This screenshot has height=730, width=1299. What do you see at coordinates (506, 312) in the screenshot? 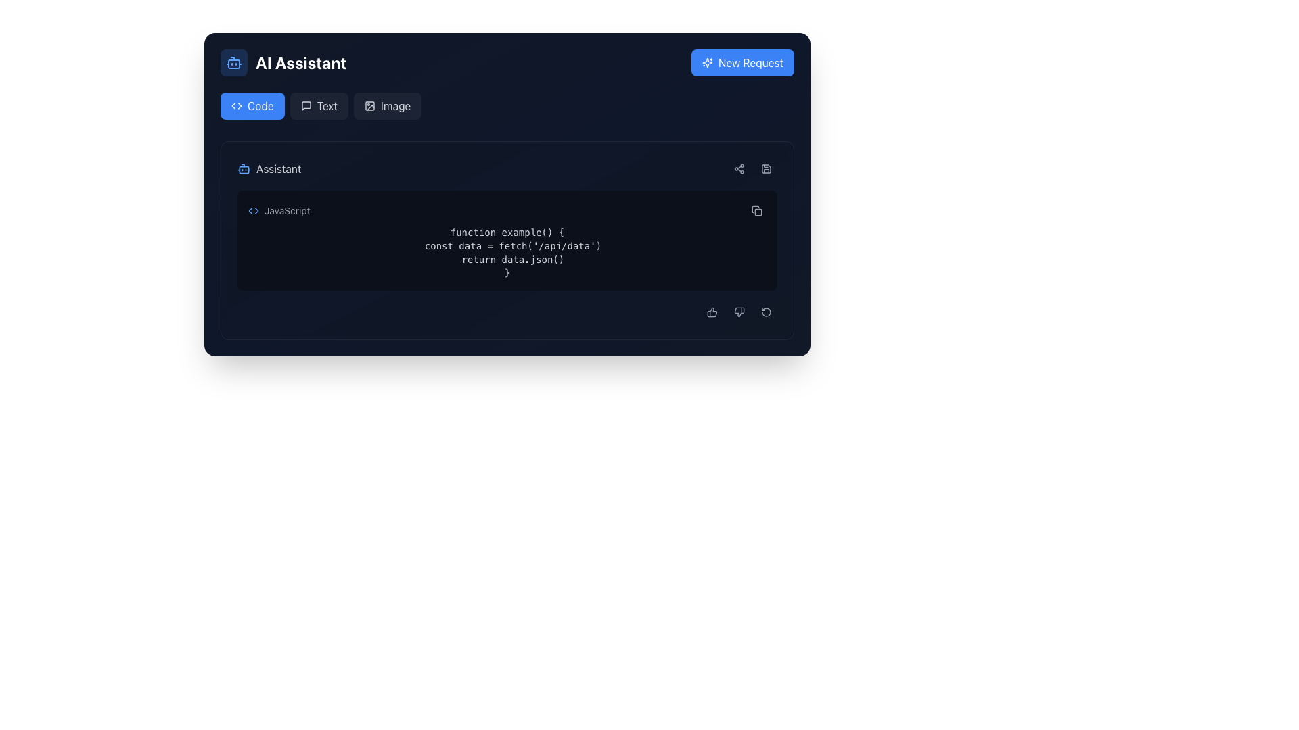
I see `the thumbs-up button on the horizontal toolbar located beneath the code example block to like` at bounding box center [506, 312].